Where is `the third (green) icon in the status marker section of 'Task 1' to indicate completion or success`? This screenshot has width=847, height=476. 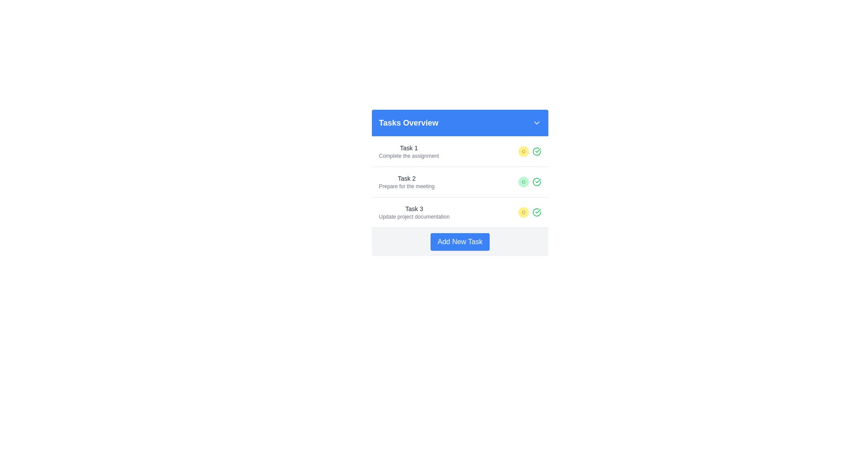 the third (green) icon in the status marker section of 'Task 1' to indicate completion or success is located at coordinates (536, 151).